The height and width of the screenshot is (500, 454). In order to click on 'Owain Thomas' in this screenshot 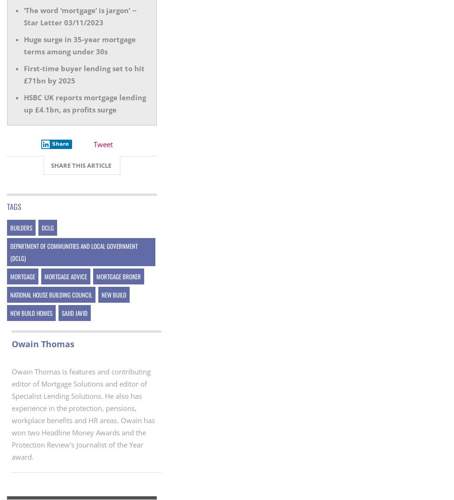, I will do `click(42, 343)`.